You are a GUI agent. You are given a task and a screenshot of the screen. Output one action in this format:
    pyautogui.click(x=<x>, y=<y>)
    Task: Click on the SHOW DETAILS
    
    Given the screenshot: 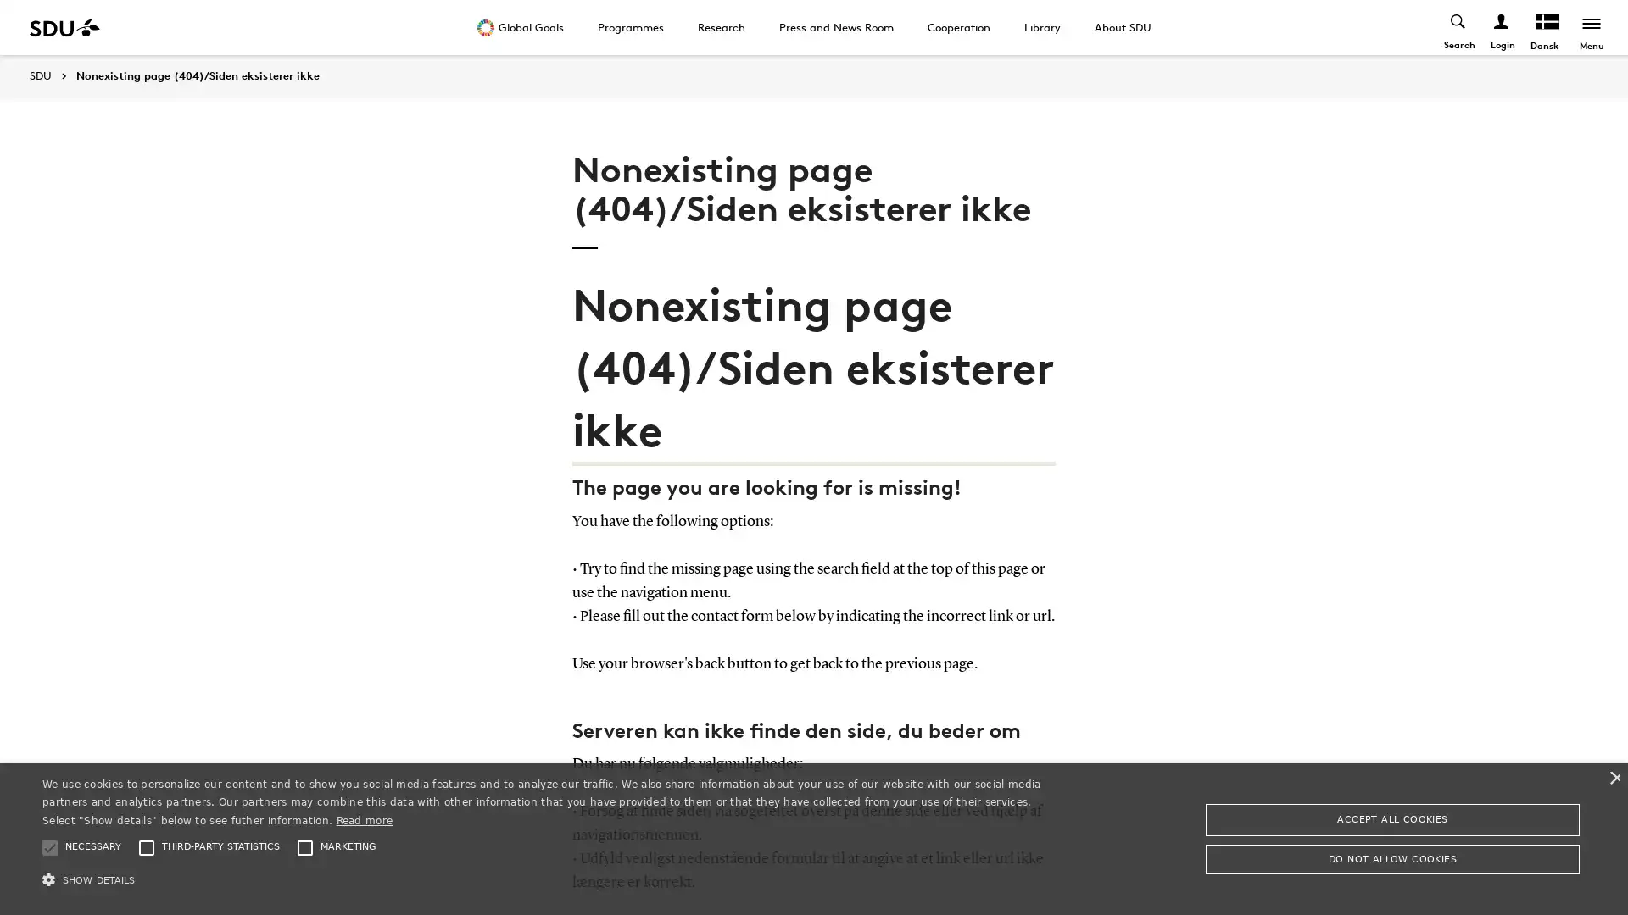 What is the action you would take?
    pyautogui.click(x=544, y=879)
    